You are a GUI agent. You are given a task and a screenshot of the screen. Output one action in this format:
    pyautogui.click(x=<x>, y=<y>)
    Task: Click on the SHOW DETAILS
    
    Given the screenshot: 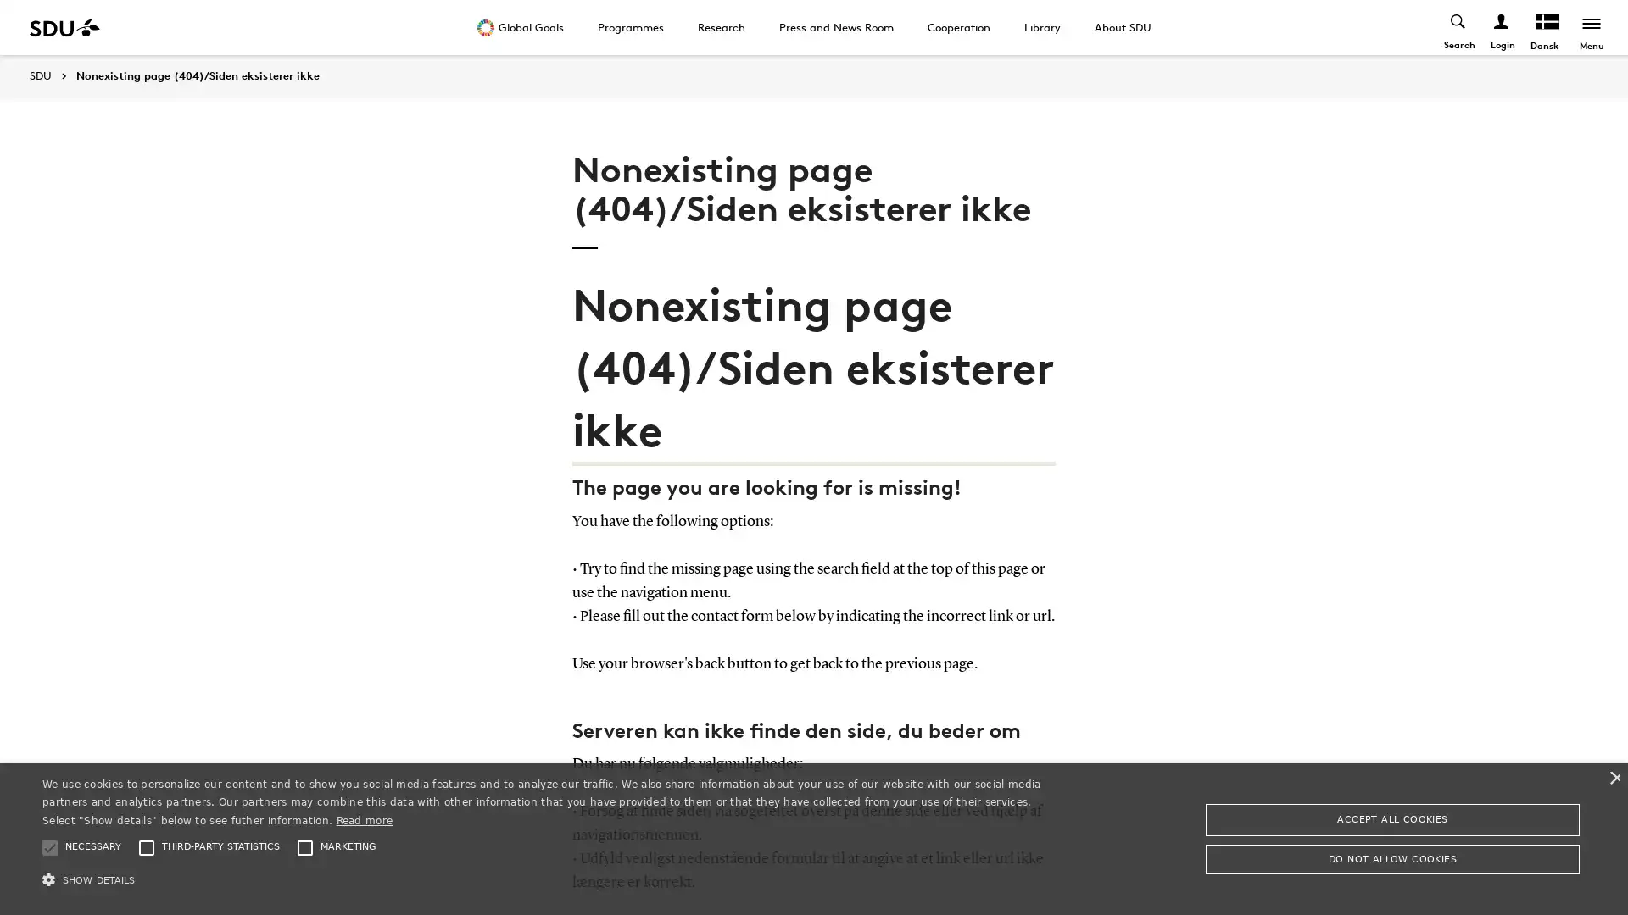 What is the action you would take?
    pyautogui.click(x=544, y=879)
    